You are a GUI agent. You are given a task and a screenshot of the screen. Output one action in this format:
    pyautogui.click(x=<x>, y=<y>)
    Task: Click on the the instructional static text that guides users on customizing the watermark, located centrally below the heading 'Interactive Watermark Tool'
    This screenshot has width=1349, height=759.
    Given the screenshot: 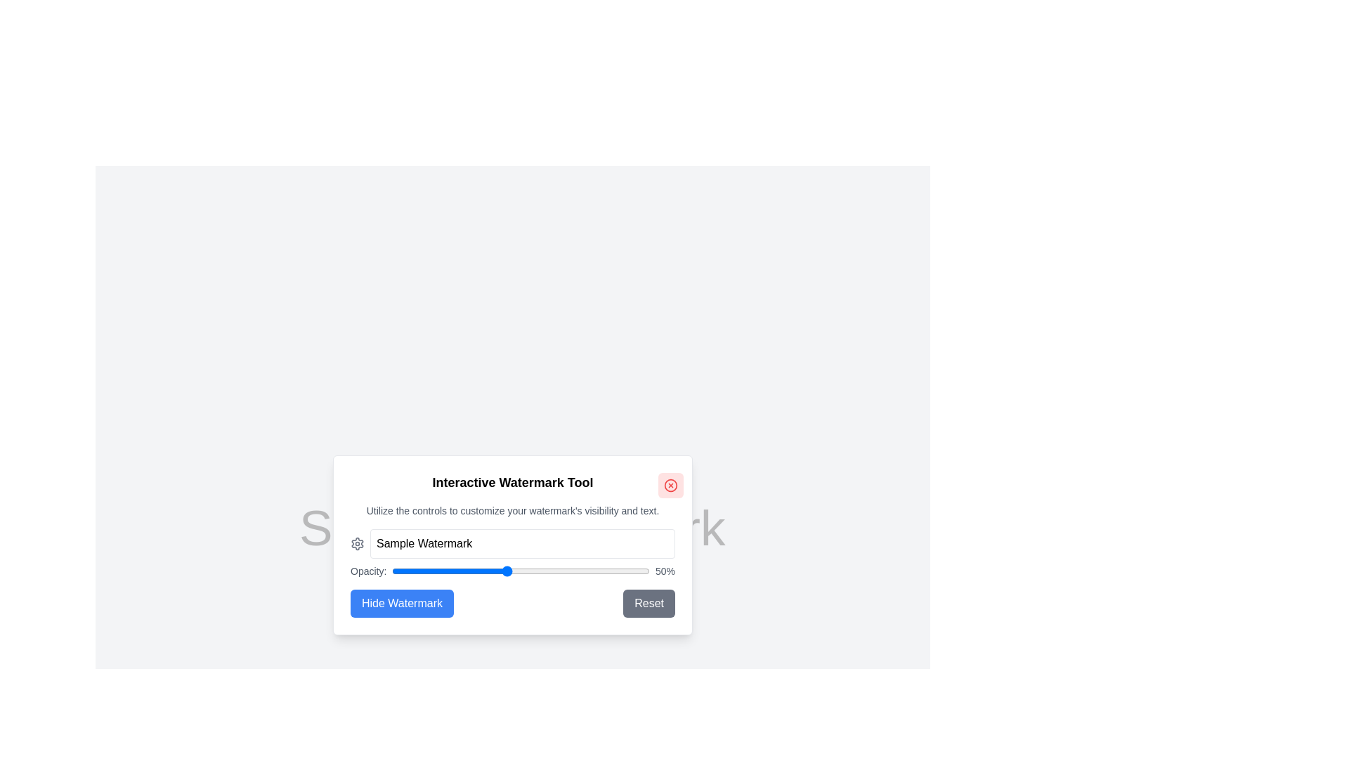 What is the action you would take?
    pyautogui.click(x=511, y=510)
    